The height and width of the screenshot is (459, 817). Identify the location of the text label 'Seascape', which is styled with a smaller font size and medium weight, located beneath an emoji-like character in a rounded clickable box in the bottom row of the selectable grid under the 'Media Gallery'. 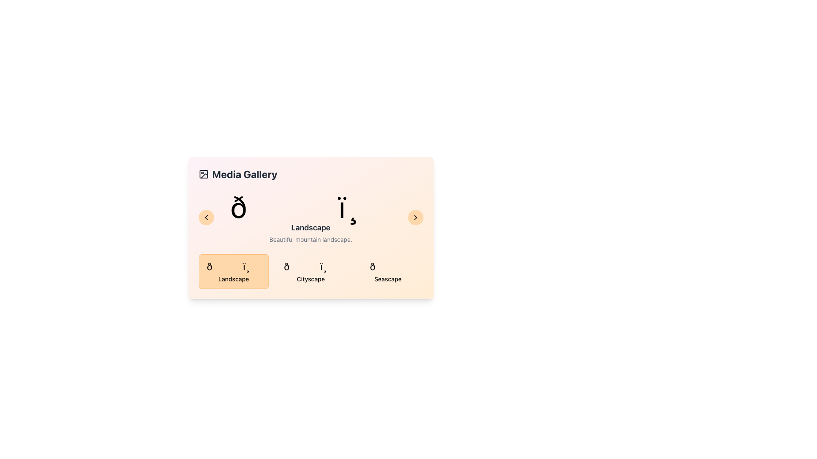
(387, 279).